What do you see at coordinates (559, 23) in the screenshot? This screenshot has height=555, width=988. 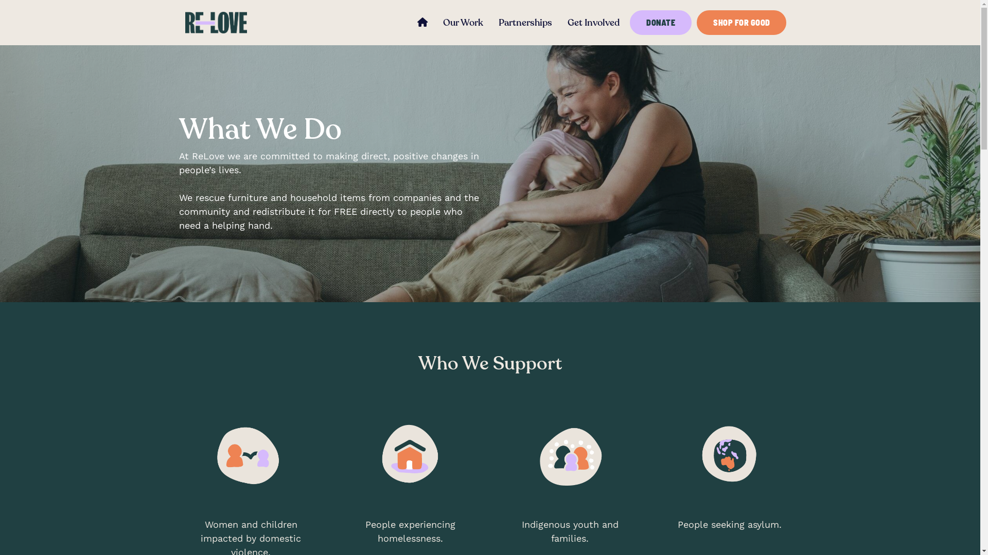 I see `'Get Involved'` at bounding box center [559, 23].